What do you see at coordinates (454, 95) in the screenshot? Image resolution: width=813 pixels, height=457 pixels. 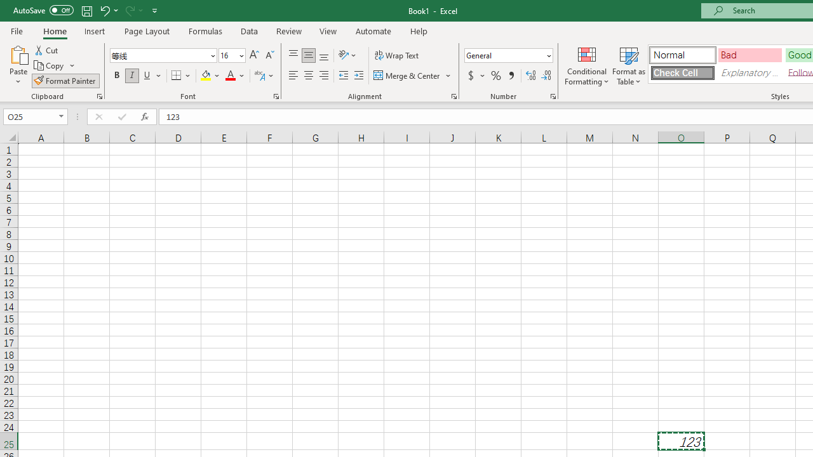 I see `'Format Cell Alignment'` at bounding box center [454, 95].